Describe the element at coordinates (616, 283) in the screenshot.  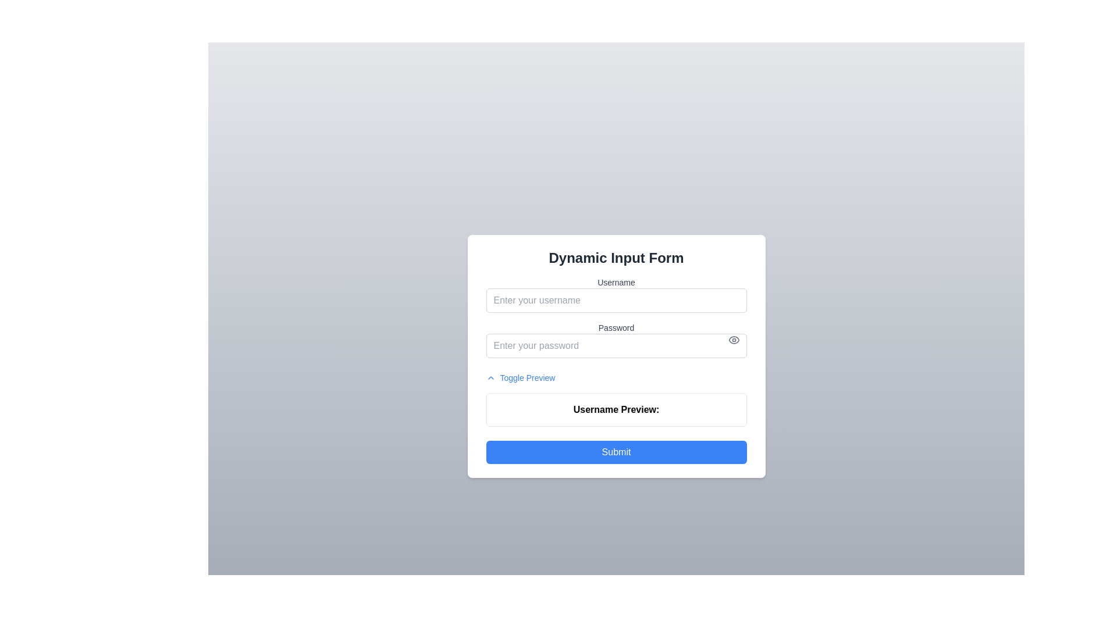
I see `the label indicating the username input field, which is positioned above the 'Enter your username.' text input box` at that location.